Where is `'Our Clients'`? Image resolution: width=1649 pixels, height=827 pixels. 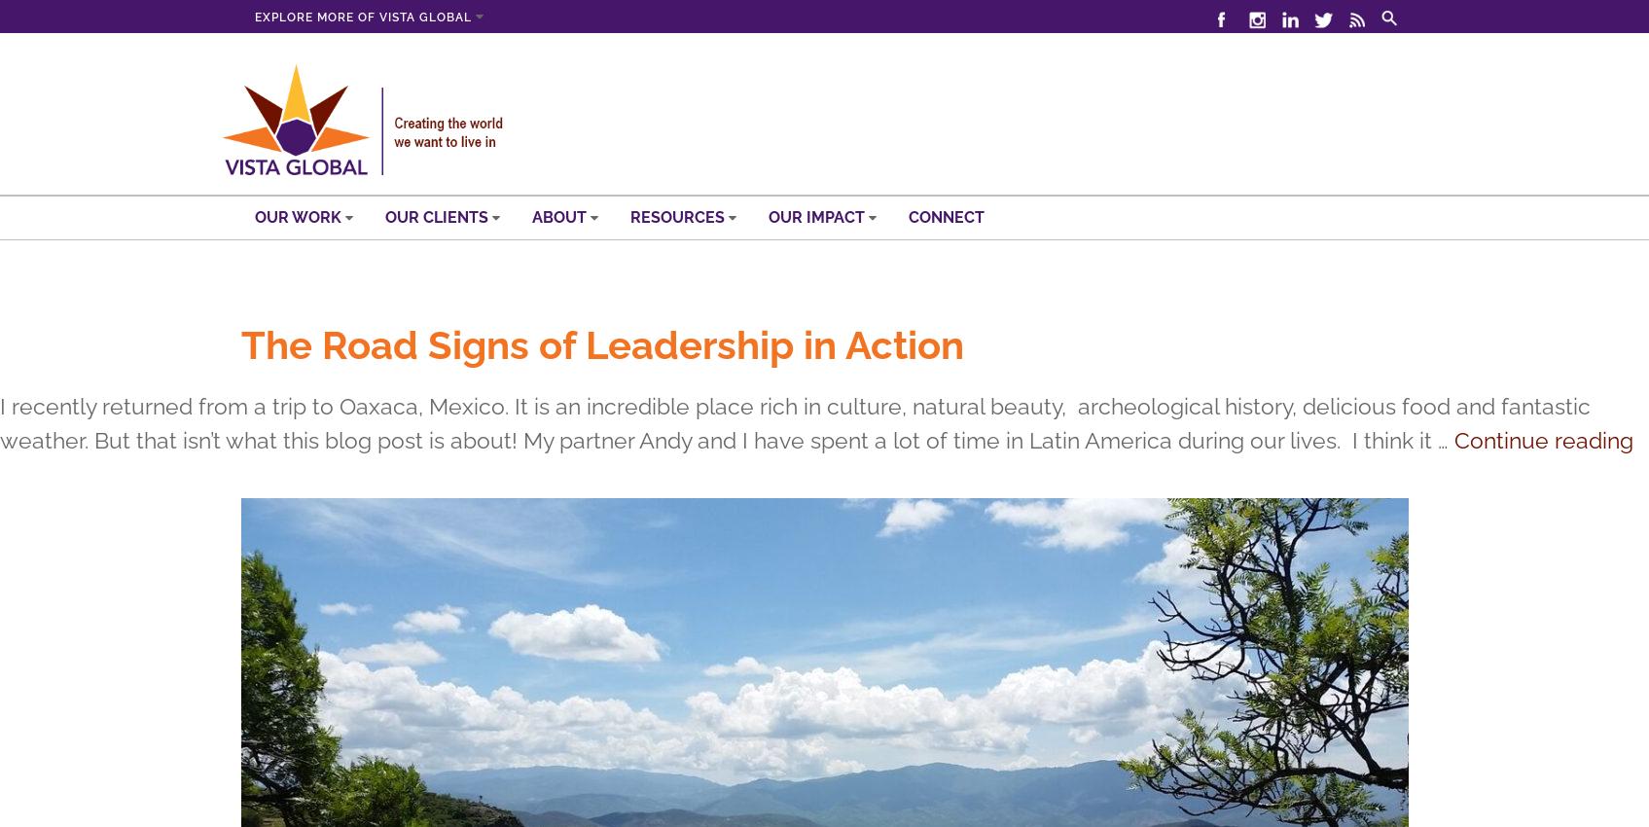
'Our Clients' is located at coordinates (438, 216).